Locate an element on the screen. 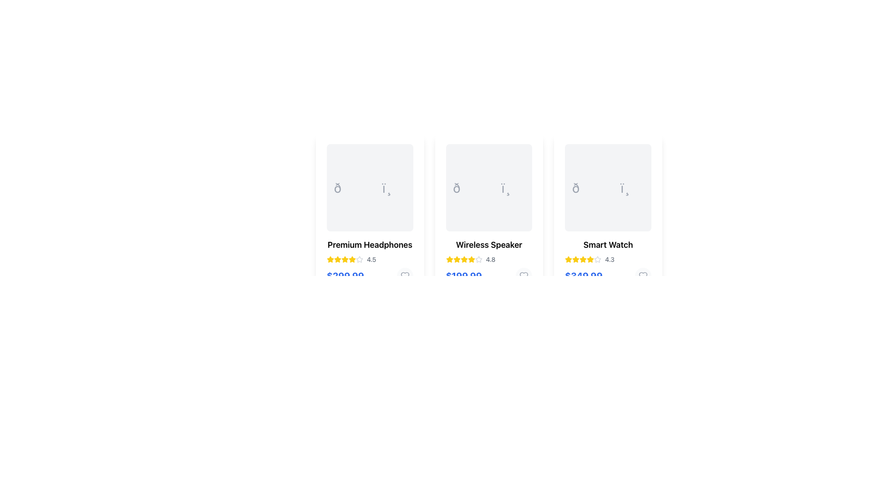  the filled yellow star icon representing the first rating in the set below the 'Premium Headphones' title is located at coordinates (330, 259).